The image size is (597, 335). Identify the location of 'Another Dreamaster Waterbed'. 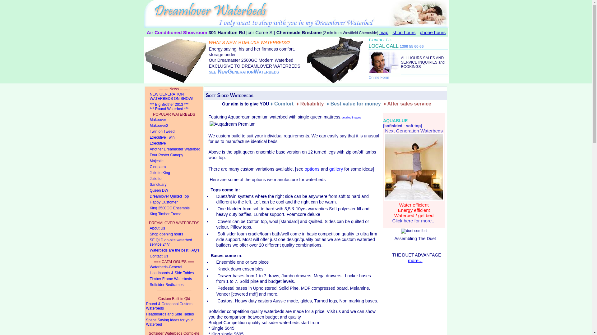
(144, 149).